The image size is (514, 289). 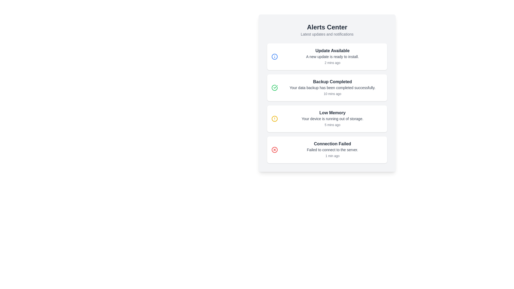 What do you see at coordinates (327, 103) in the screenshot?
I see `the notification card in the Alerts Center` at bounding box center [327, 103].